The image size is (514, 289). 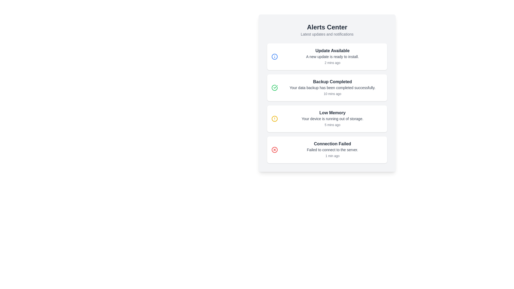 What do you see at coordinates (327, 103) in the screenshot?
I see `the notification card in the Alerts Center` at bounding box center [327, 103].